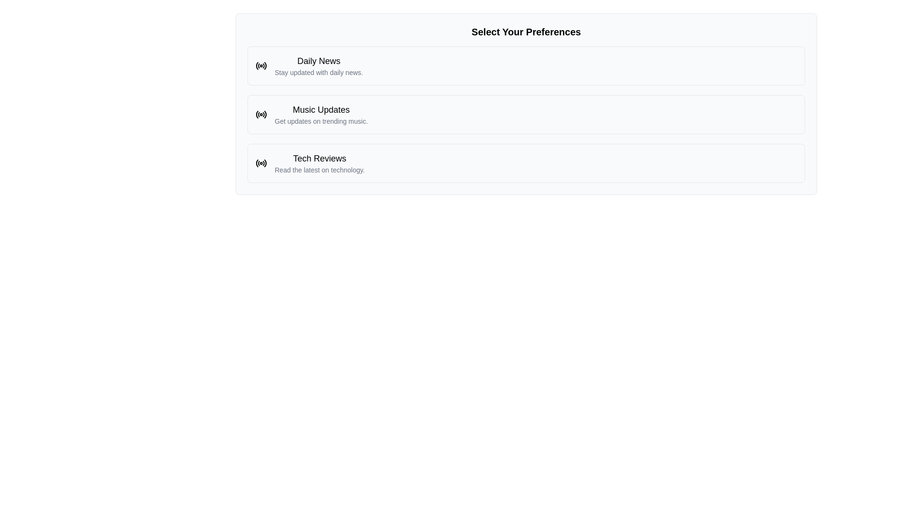 This screenshot has height=516, width=919. I want to click on the second item in the vertical list of options, which is a Text display block for subscribing to updates about trending music, so click(321, 114).